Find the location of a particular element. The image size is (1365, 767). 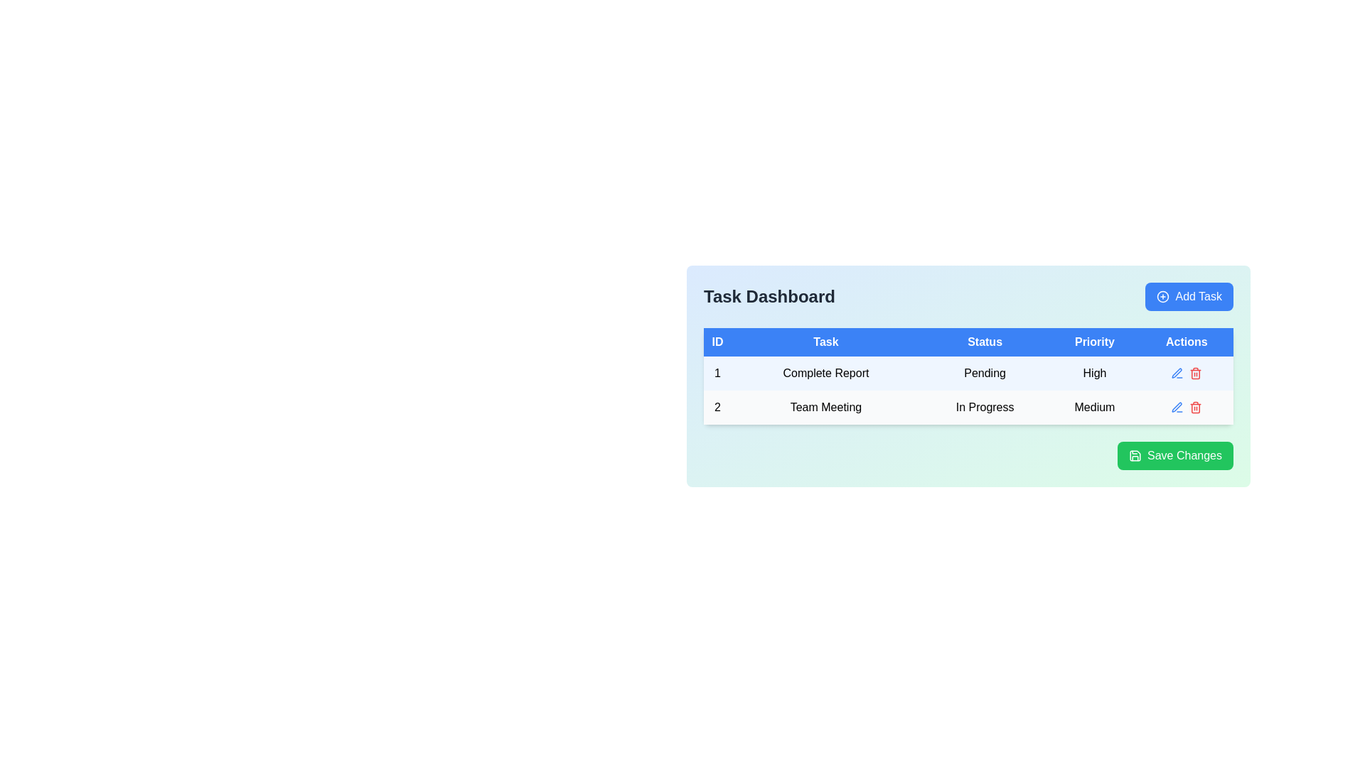

the blue pencil icon in the Actions column of the first row of the Task Dashboard is located at coordinates (1187, 372).